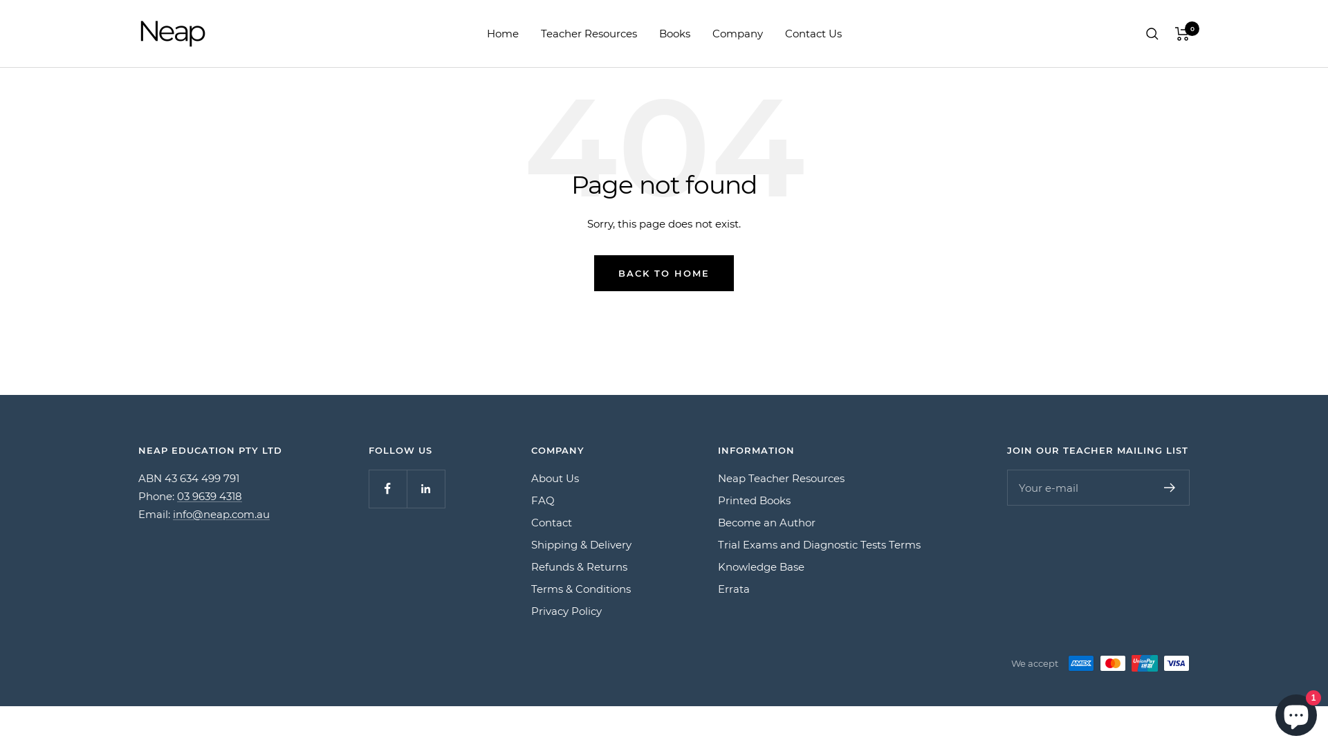 This screenshot has height=747, width=1328. Describe the element at coordinates (753, 501) in the screenshot. I see `'Printed Books'` at that location.